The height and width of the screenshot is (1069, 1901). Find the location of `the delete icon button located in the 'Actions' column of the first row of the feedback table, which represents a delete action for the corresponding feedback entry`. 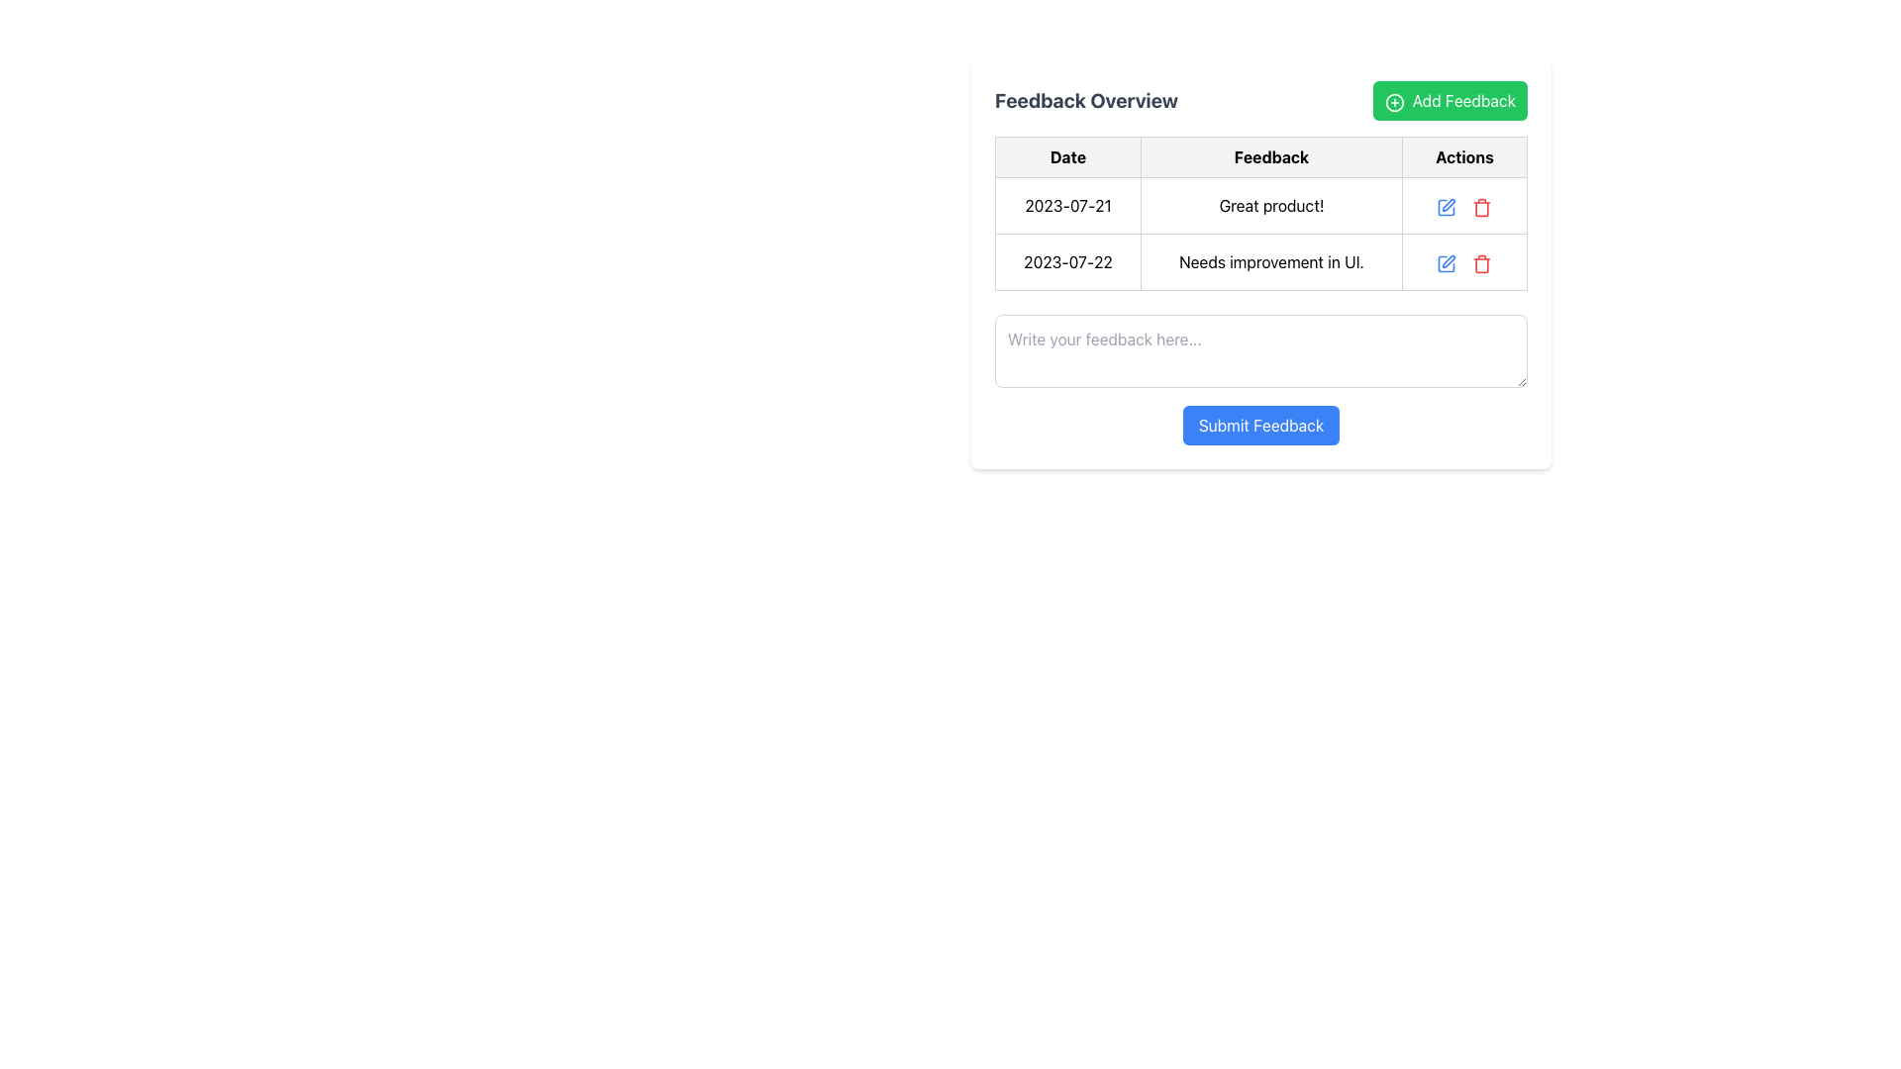

the delete icon button located in the 'Actions' column of the first row of the feedback table, which represents a delete action for the corresponding feedback entry is located at coordinates (1482, 206).